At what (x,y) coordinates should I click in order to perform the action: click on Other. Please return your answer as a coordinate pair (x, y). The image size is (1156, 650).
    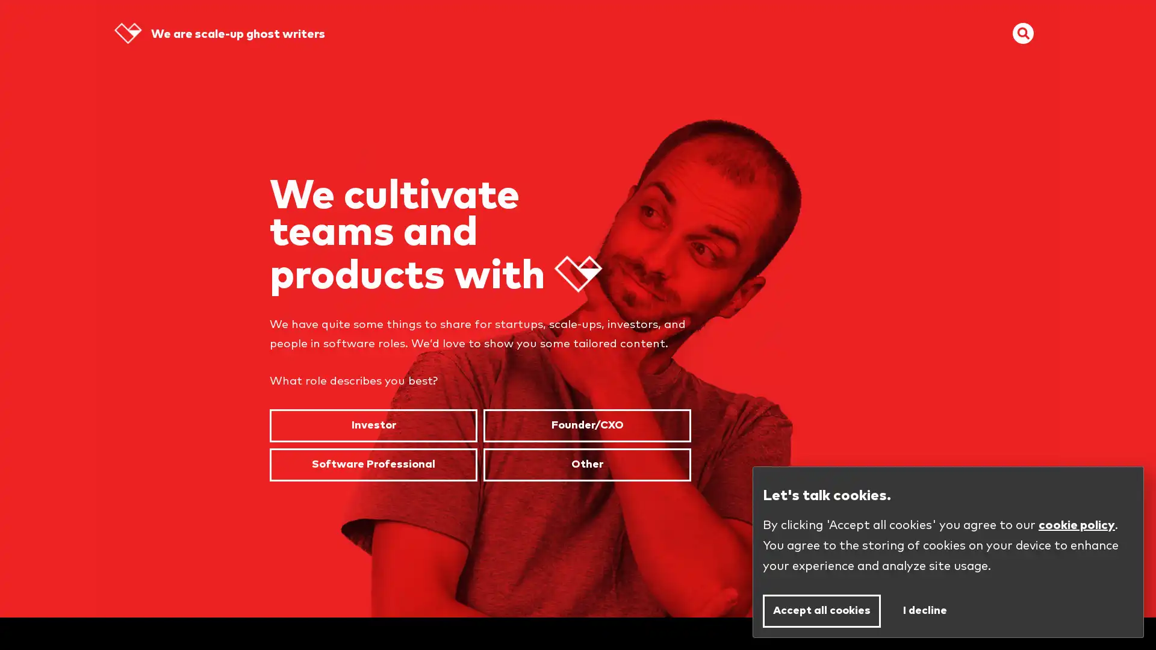
    Looking at the image, I should click on (587, 463).